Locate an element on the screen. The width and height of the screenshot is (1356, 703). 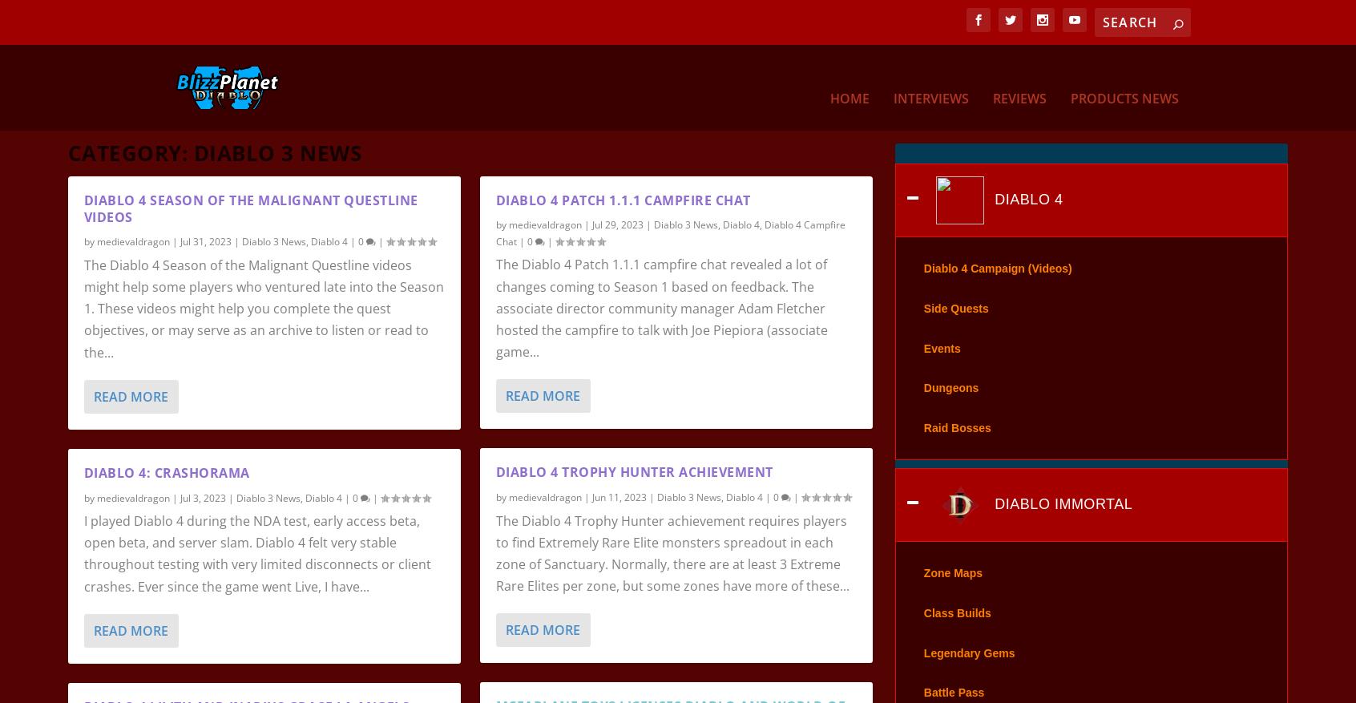
'Zone Maps' is located at coordinates (951, 595).